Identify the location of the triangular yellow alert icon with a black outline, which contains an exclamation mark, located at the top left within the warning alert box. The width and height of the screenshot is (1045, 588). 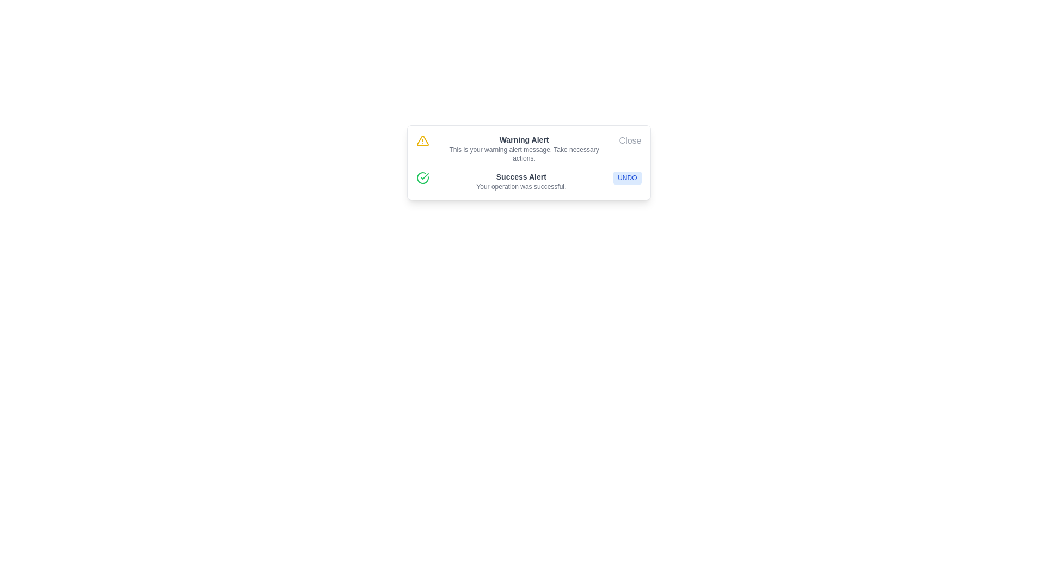
(422, 140).